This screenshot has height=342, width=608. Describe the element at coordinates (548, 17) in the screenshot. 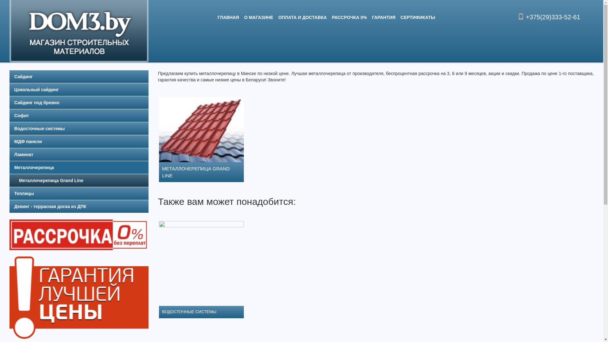

I see `'+375(29)333-52-61'` at that location.